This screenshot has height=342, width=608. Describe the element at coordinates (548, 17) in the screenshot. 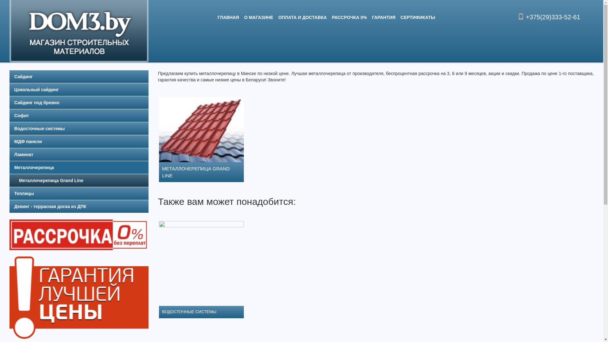

I see `'+375(29)333-52-61'` at that location.